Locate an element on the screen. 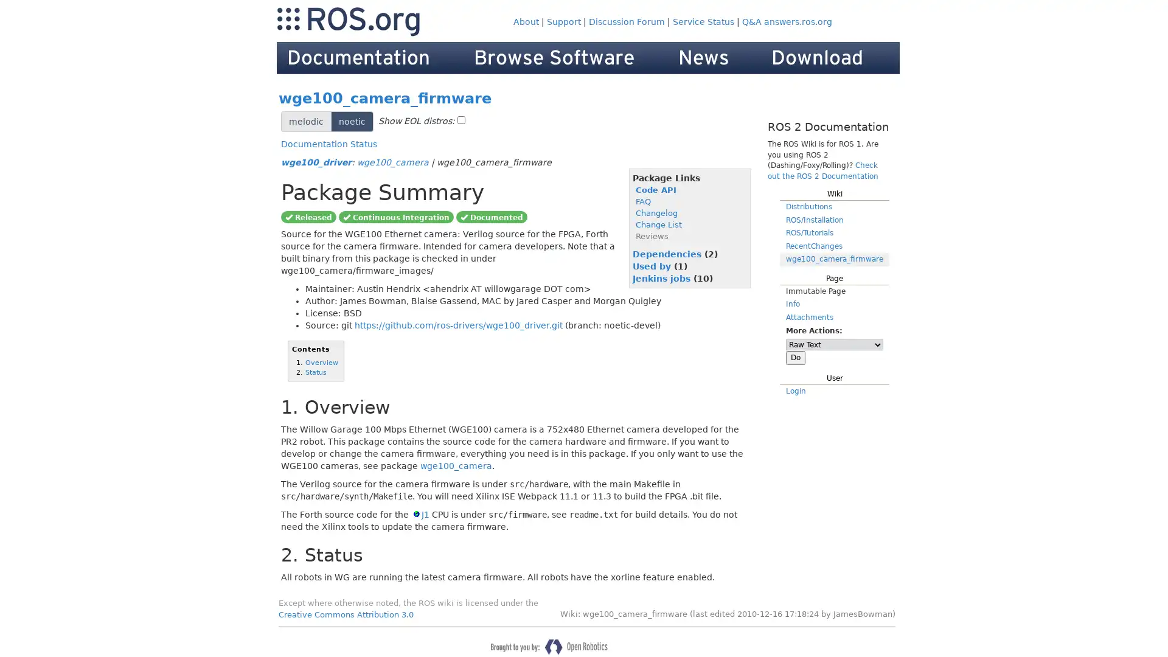 The height and width of the screenshot is (657, 1168). noetic is located at coordinates (352, 122).